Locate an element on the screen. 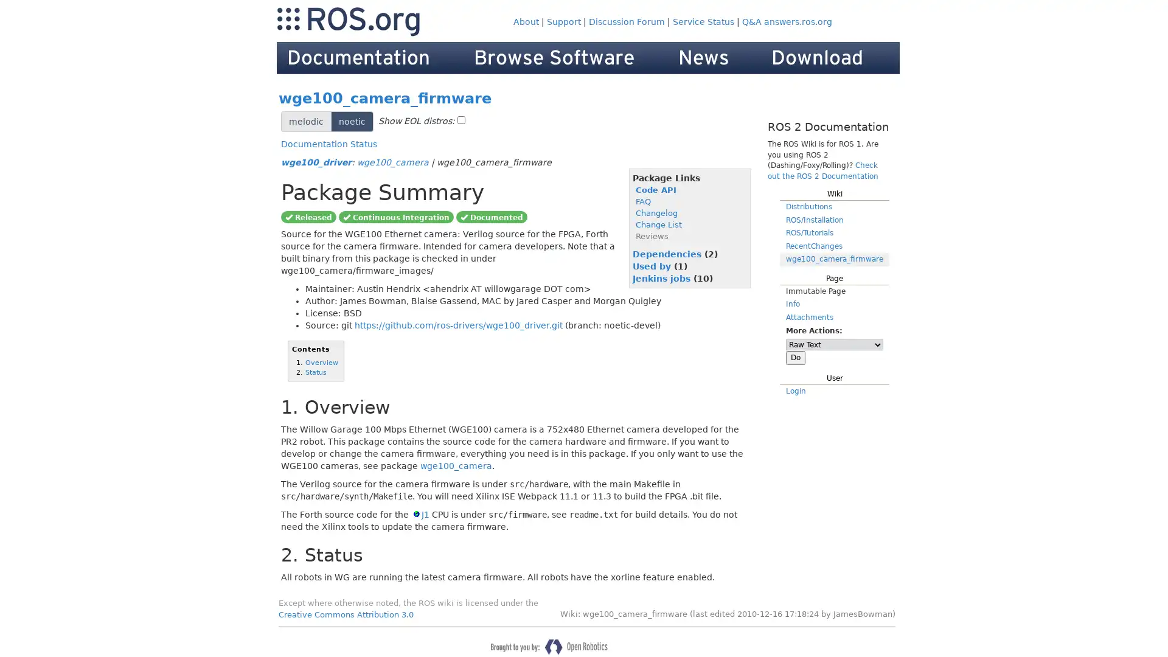 The height and width of the screenshot is (657, 1168). noetic is located at coordinates (352, 122).